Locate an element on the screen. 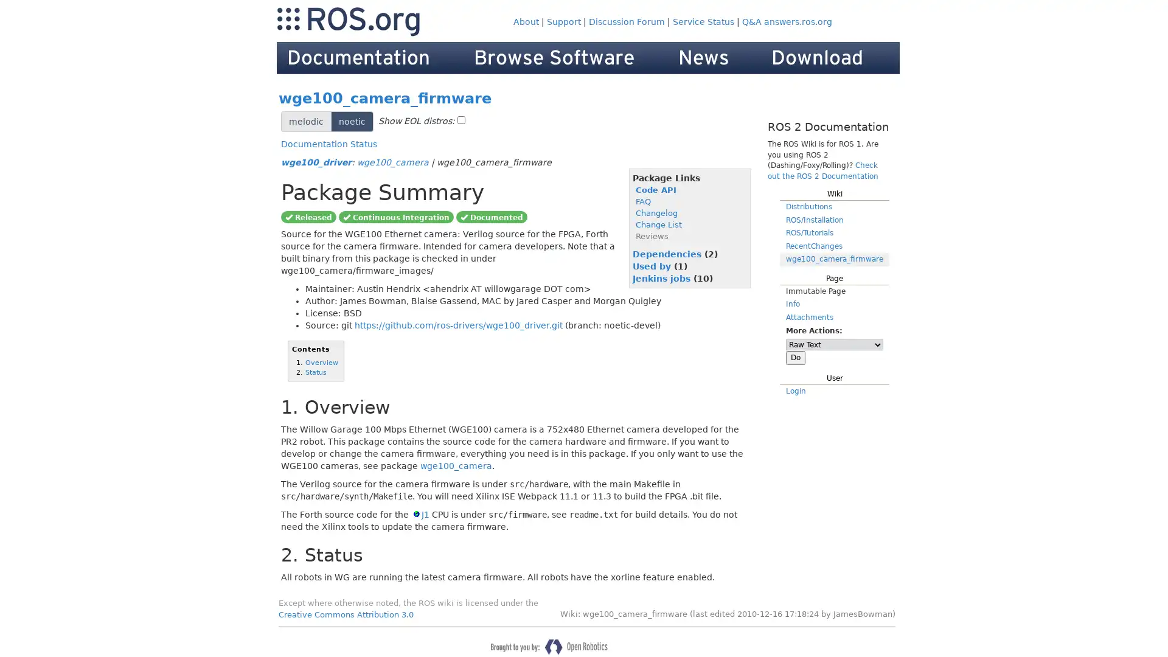 The height and width of the screenshot is (657, 1168). noetic is located at coordinates (352, 122).